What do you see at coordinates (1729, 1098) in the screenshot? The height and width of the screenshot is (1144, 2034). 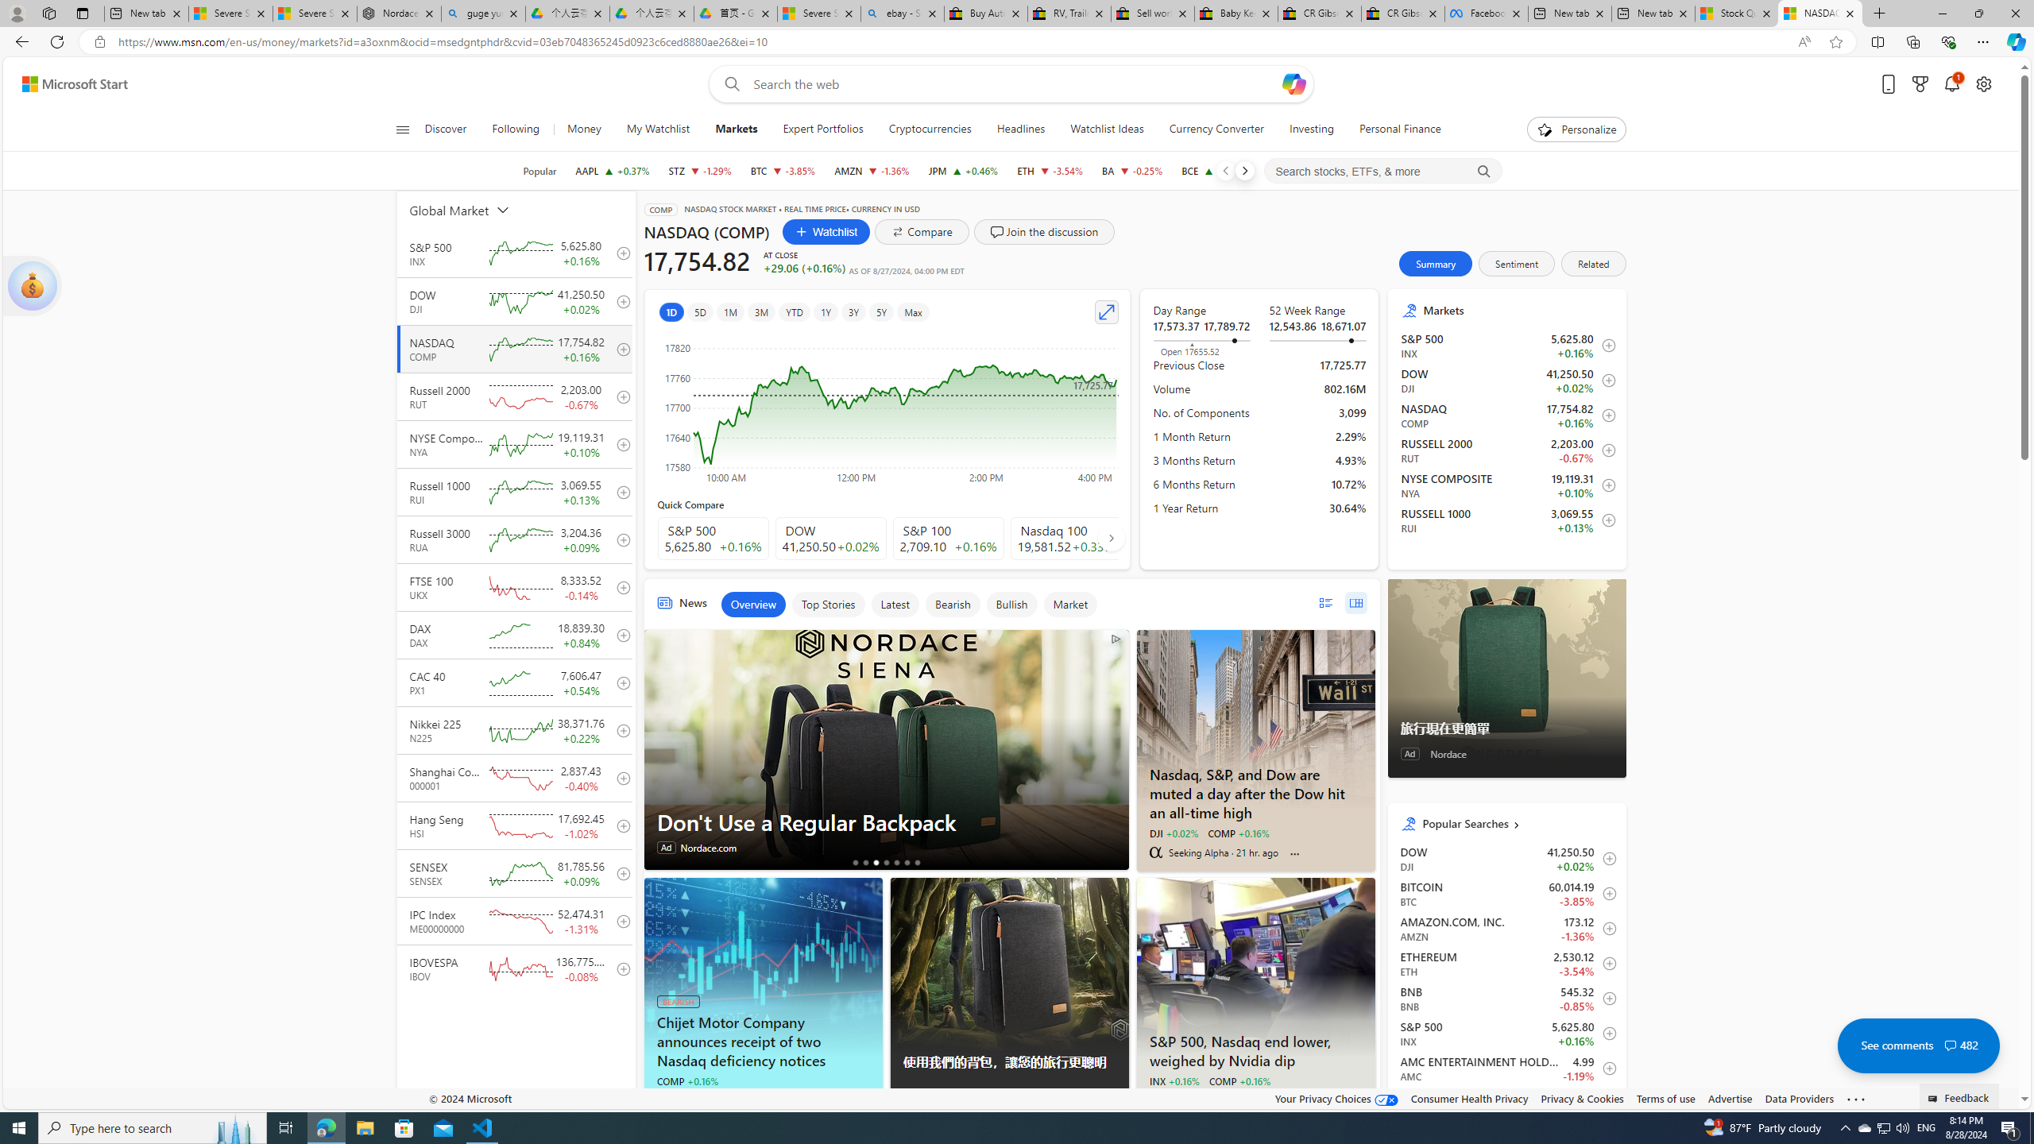 I see `'Advertise'` at bounding box center [1729, 1098].